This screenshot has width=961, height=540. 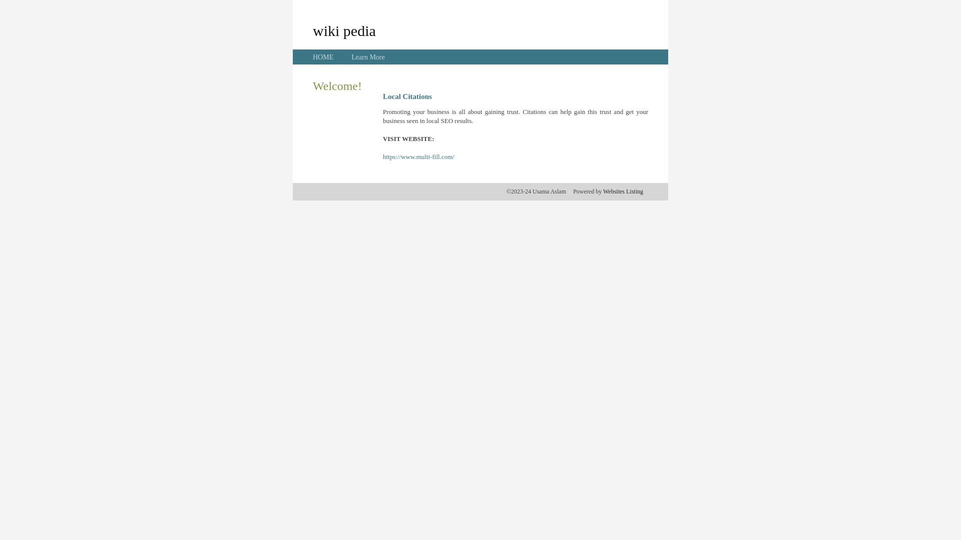 What do you see at coordinates (323, 57) in the screenshot?
I see `'HOME'` at bounding box center [323, 57].